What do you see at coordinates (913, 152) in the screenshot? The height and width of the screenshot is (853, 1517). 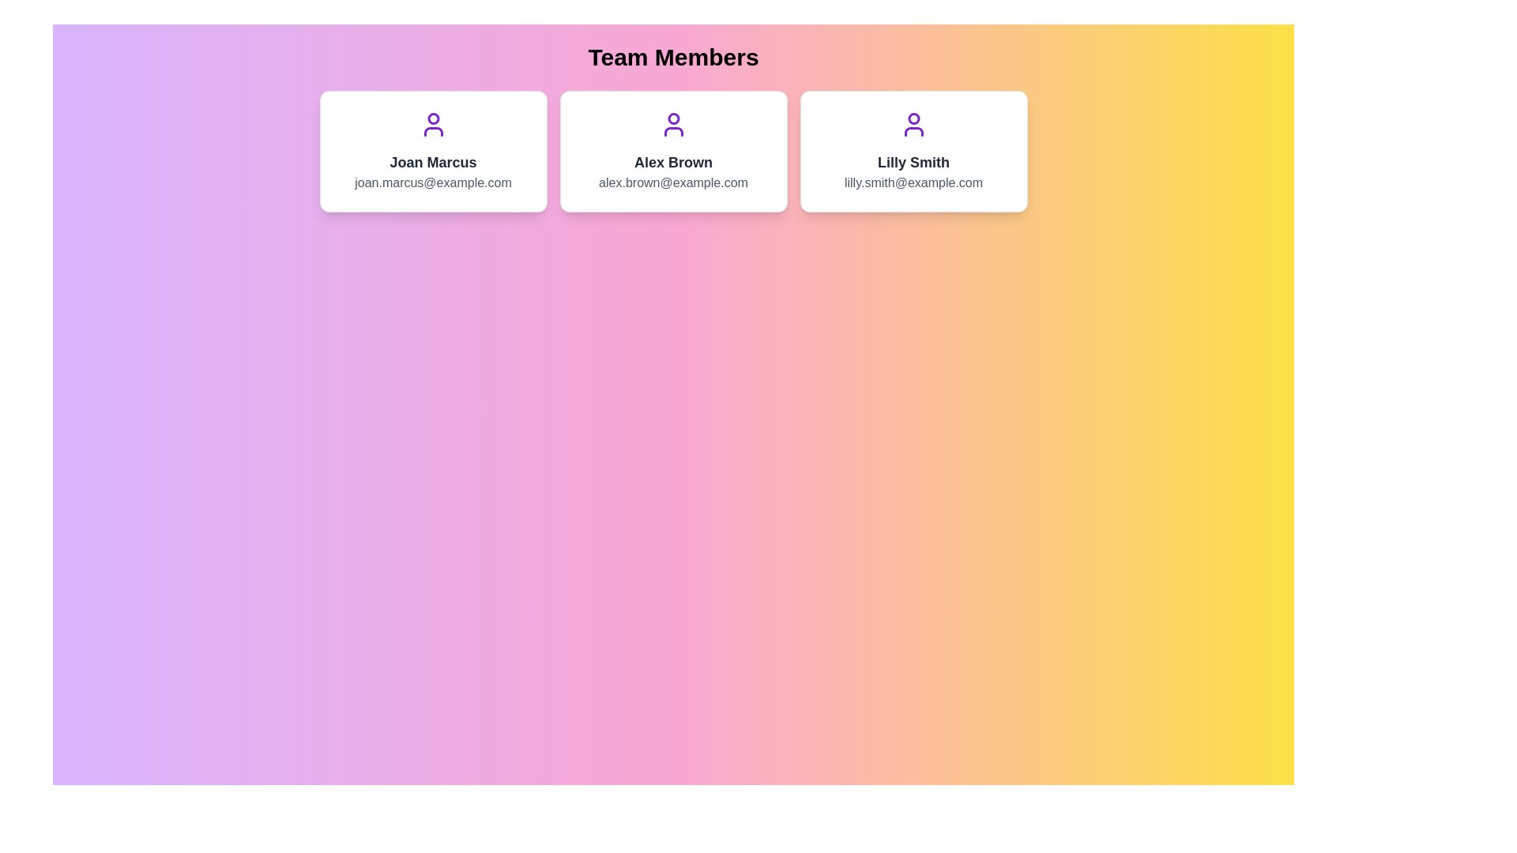 I see `the user profile card displaying the name and email address, which is the third element in a three-column grid layout and is located to the far right, adjacent to the 'Alex Brown' card` at bounding box center [913, 152].